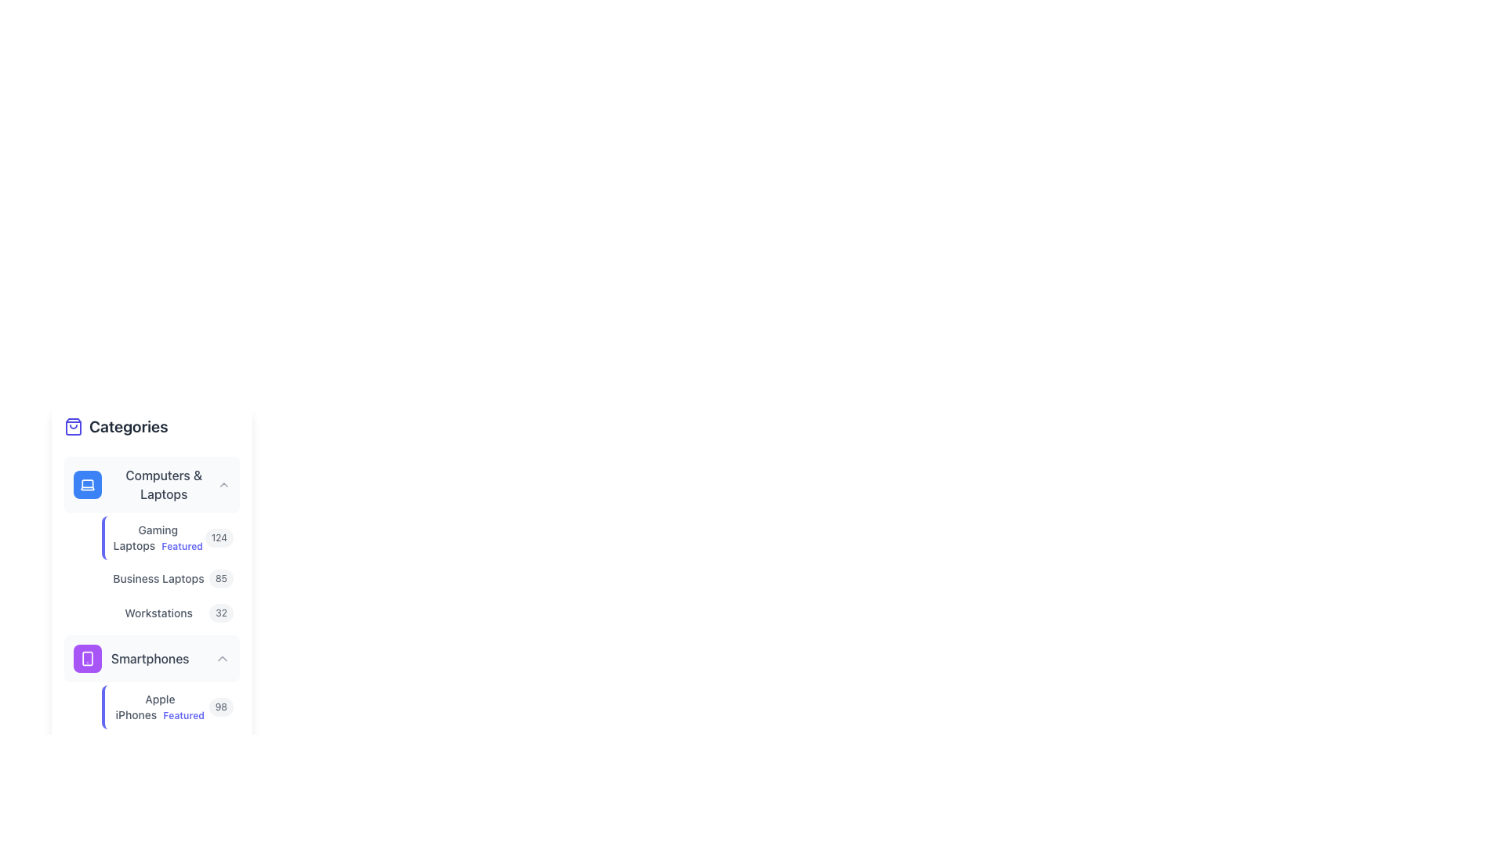  What do you see at coordinates (170, 579) in the screenshot?
I see `the count on the badge of the second clickable list item labeled 'Business Laptops' in the 'Computers & Laptops' category` at bounding box center [170, 579].